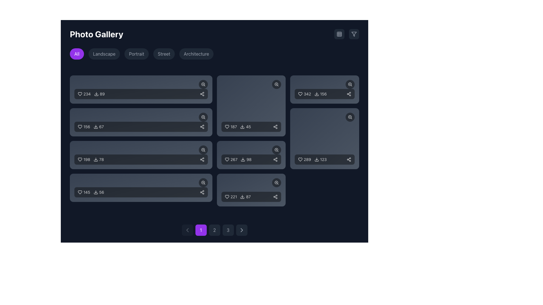 The height and width of the screenshot is (305, 543). I want to click on the text label displaying the statistic '45' located beneath the graphical card element, to the right of the download icon in the control bar, so click(248, 126).